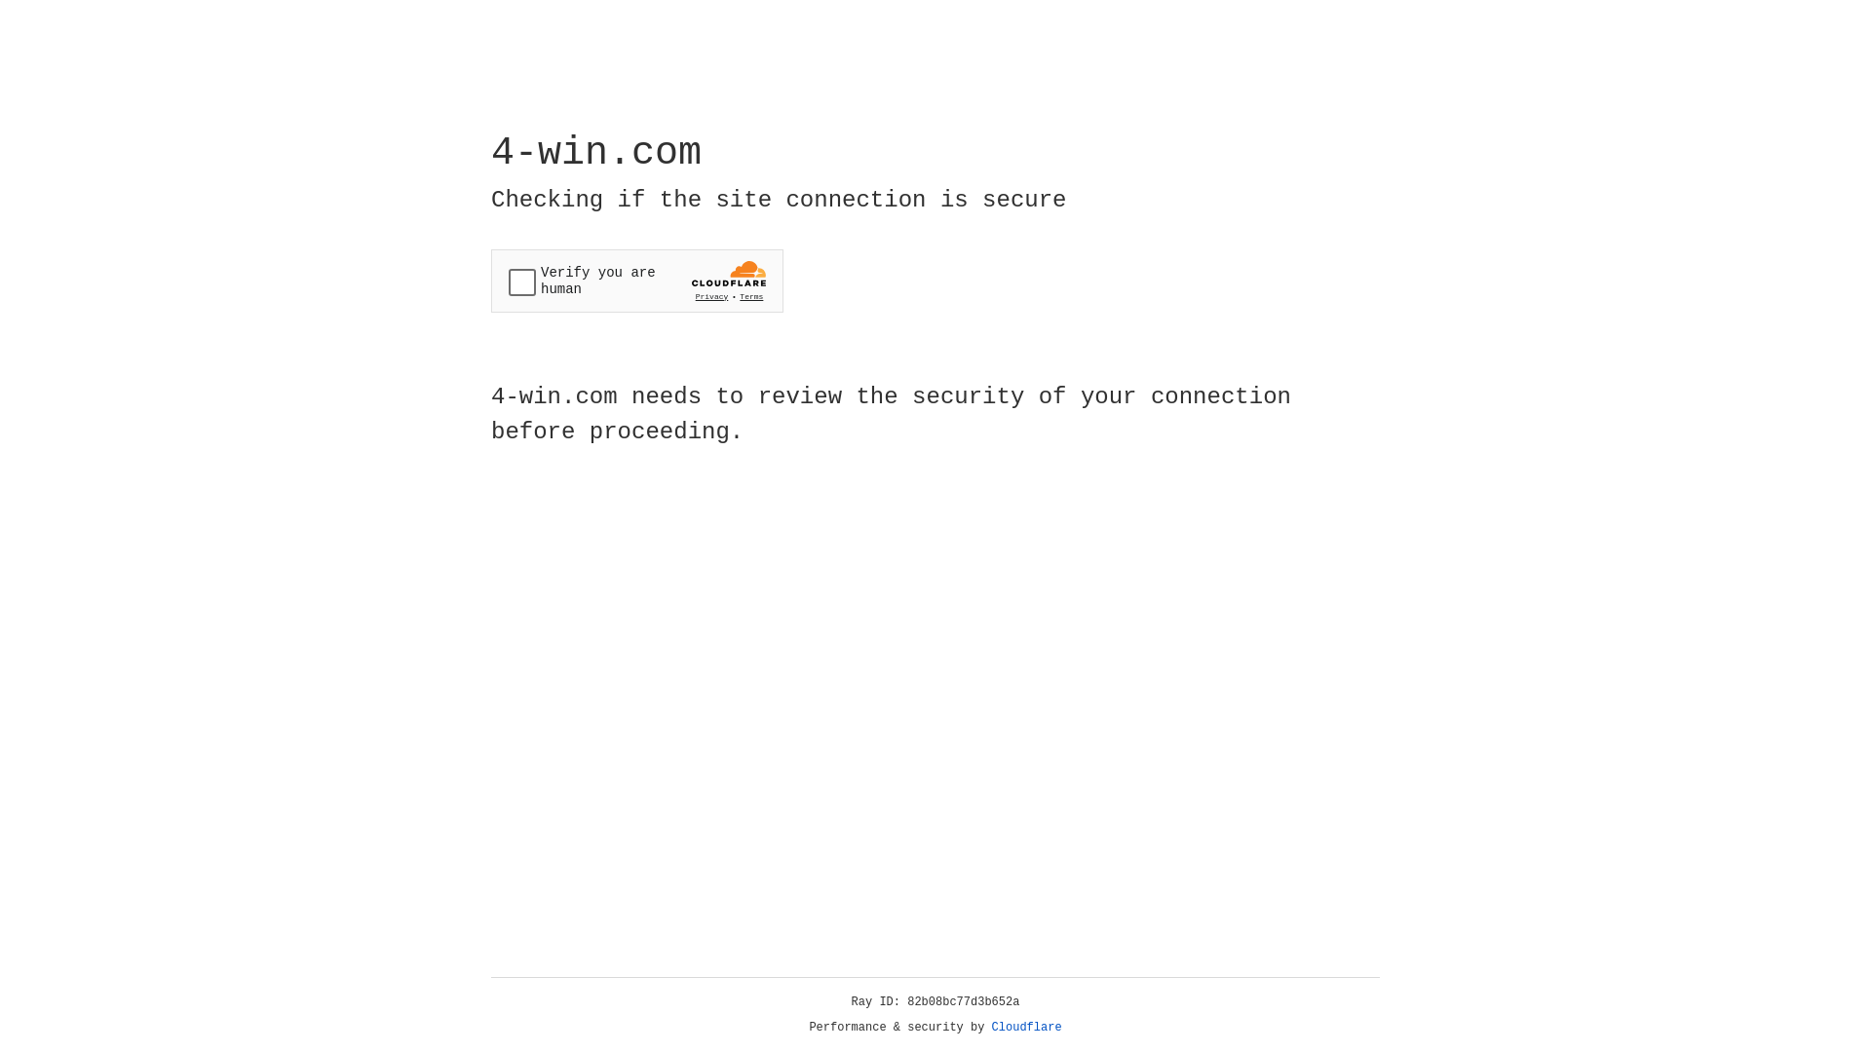 The image size is (1871, 1052). Describe the element at coordinates (636, 281) in the screenshot. I see `'Widget containing a Cloudflare security challenge'` at that location.